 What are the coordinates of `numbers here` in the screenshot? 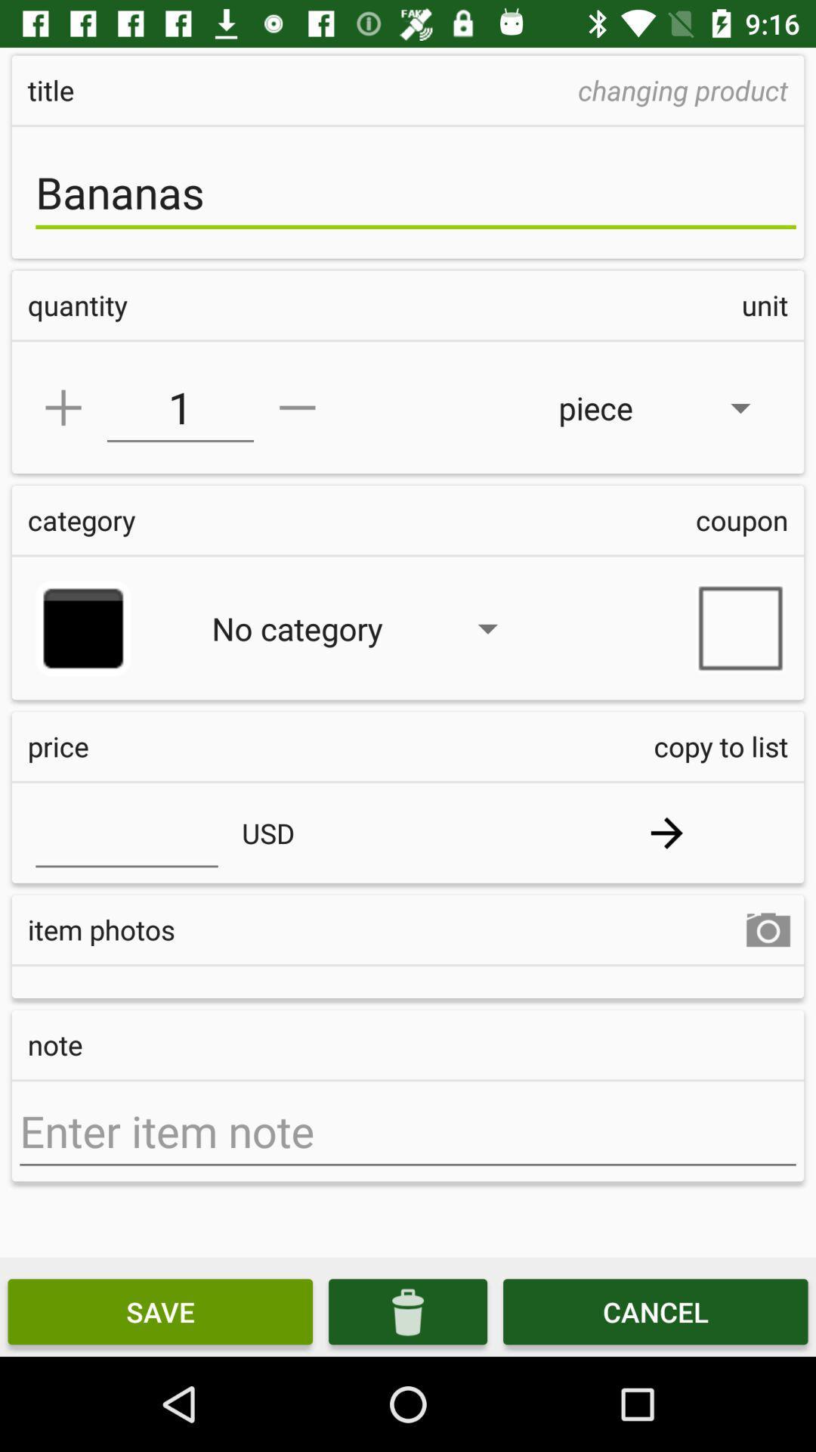 It's located at (126, 832).